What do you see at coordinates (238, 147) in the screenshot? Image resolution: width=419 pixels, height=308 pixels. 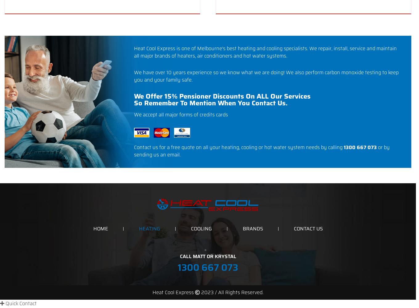 I see `'Contact us for a free quote on all your heating, cooling or hot water system needs by calling'` at bounding box center [238, 147].